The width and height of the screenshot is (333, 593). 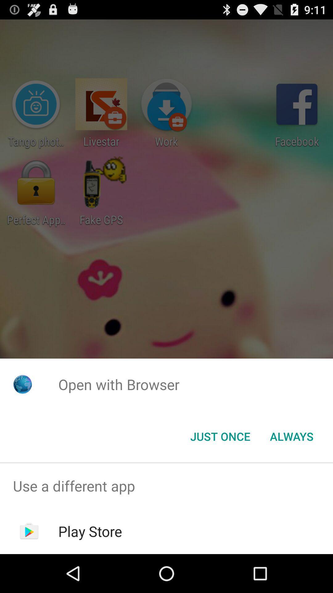 What do you see at coordinates (291, 436) in the screenshot?
I see `always item` at bounding box center [291, 436].